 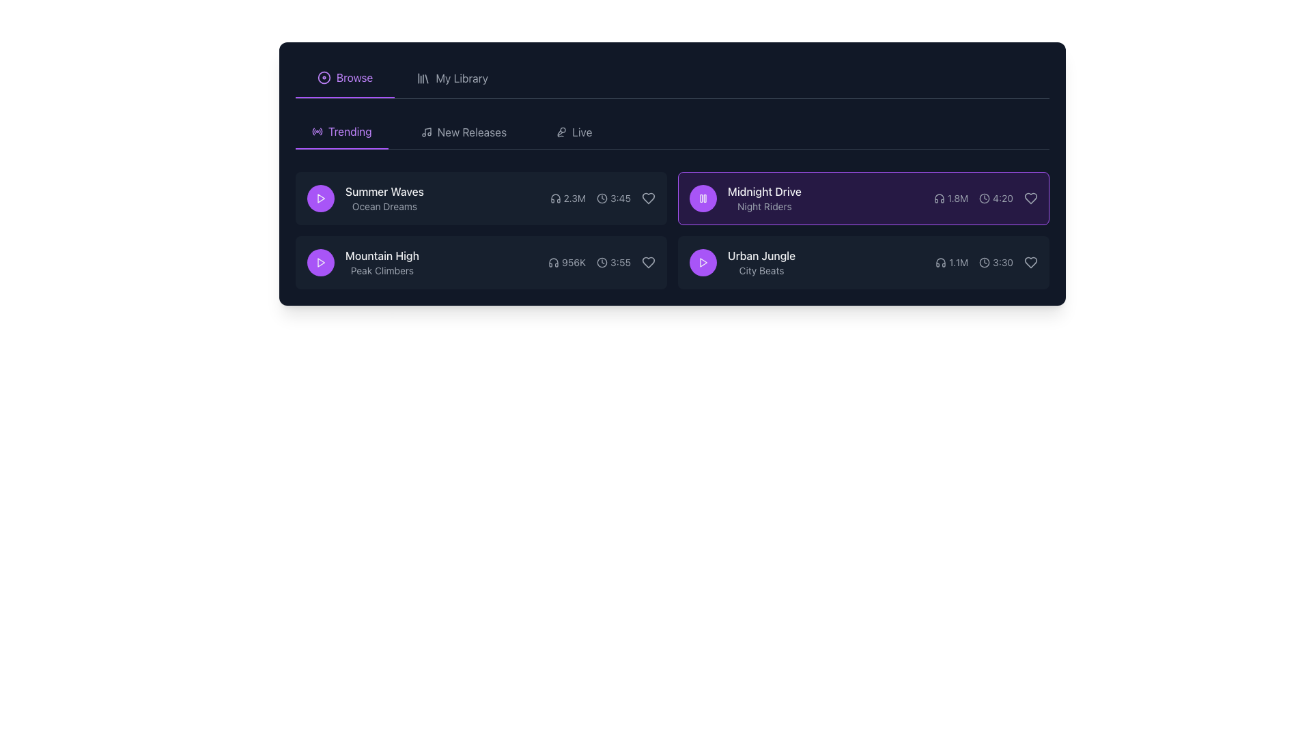 I want to click on the play button for the song 'Summer Waves' to observe hover effects, so click(x=320, y=198).